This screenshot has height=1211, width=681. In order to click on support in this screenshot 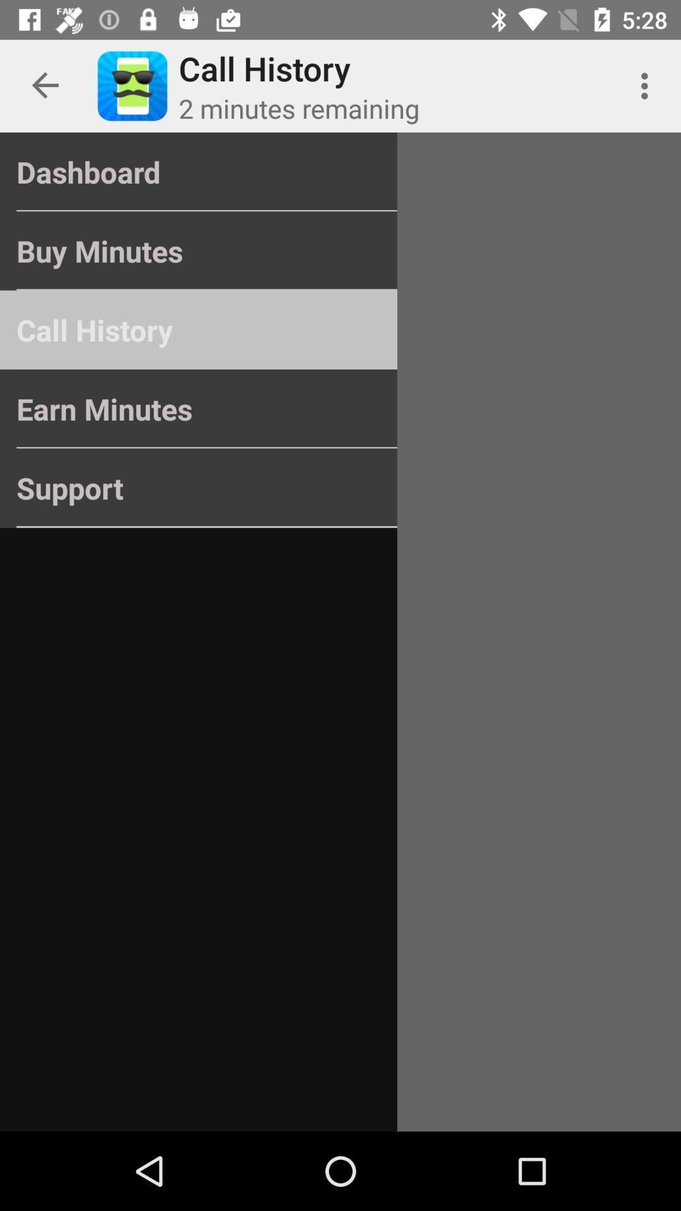, I will do `click(199, 487)`.